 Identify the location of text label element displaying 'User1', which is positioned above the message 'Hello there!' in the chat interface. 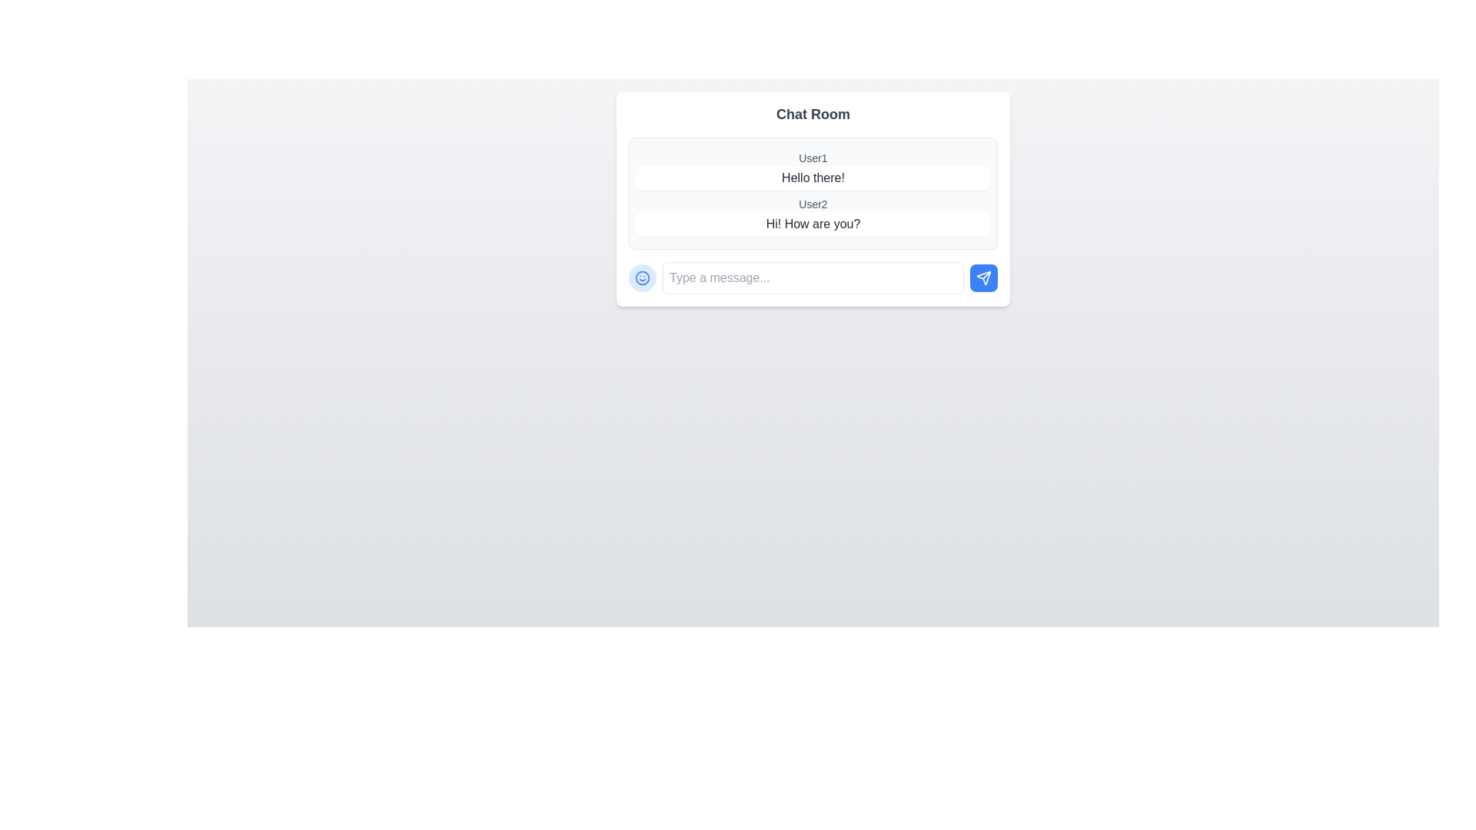
(812, 158).